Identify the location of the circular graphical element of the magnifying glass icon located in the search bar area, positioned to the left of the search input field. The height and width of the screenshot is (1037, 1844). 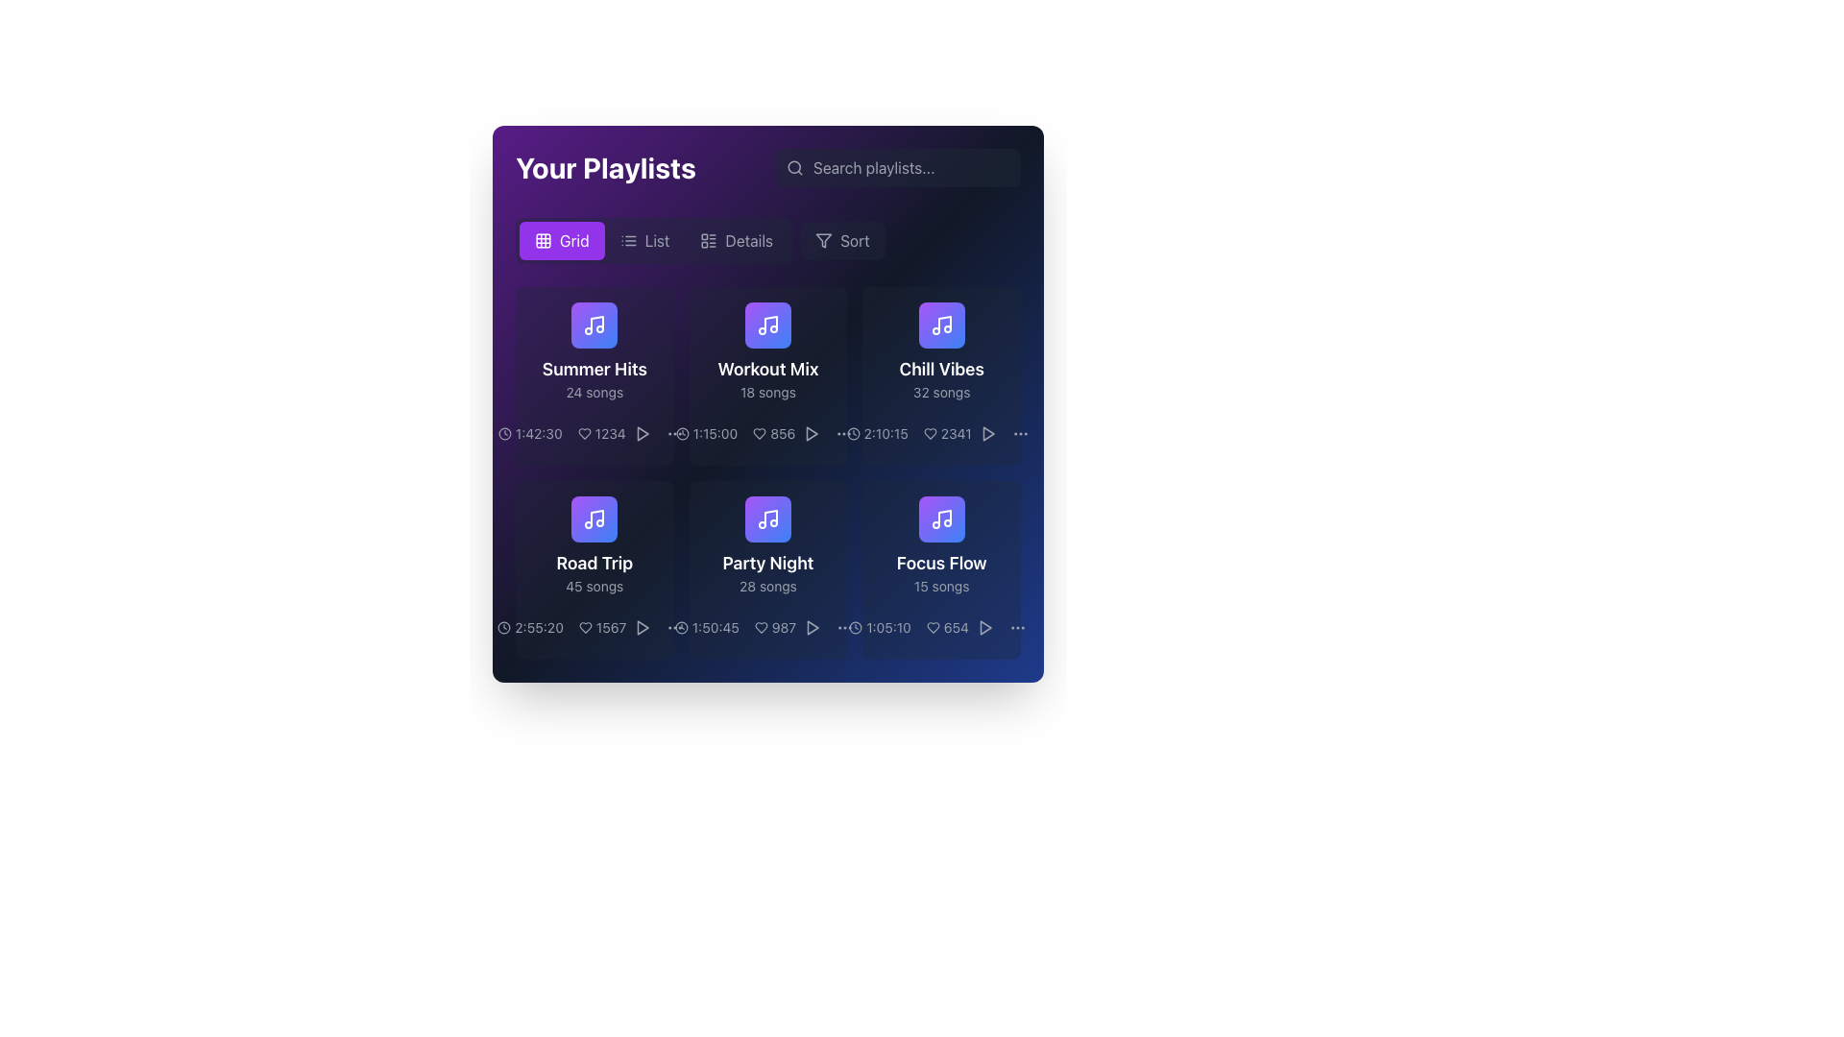
(794, 166).